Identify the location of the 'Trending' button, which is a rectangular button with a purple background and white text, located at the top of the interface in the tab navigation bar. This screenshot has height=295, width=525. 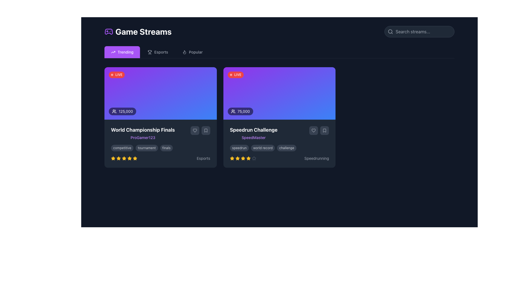
(122, 52).